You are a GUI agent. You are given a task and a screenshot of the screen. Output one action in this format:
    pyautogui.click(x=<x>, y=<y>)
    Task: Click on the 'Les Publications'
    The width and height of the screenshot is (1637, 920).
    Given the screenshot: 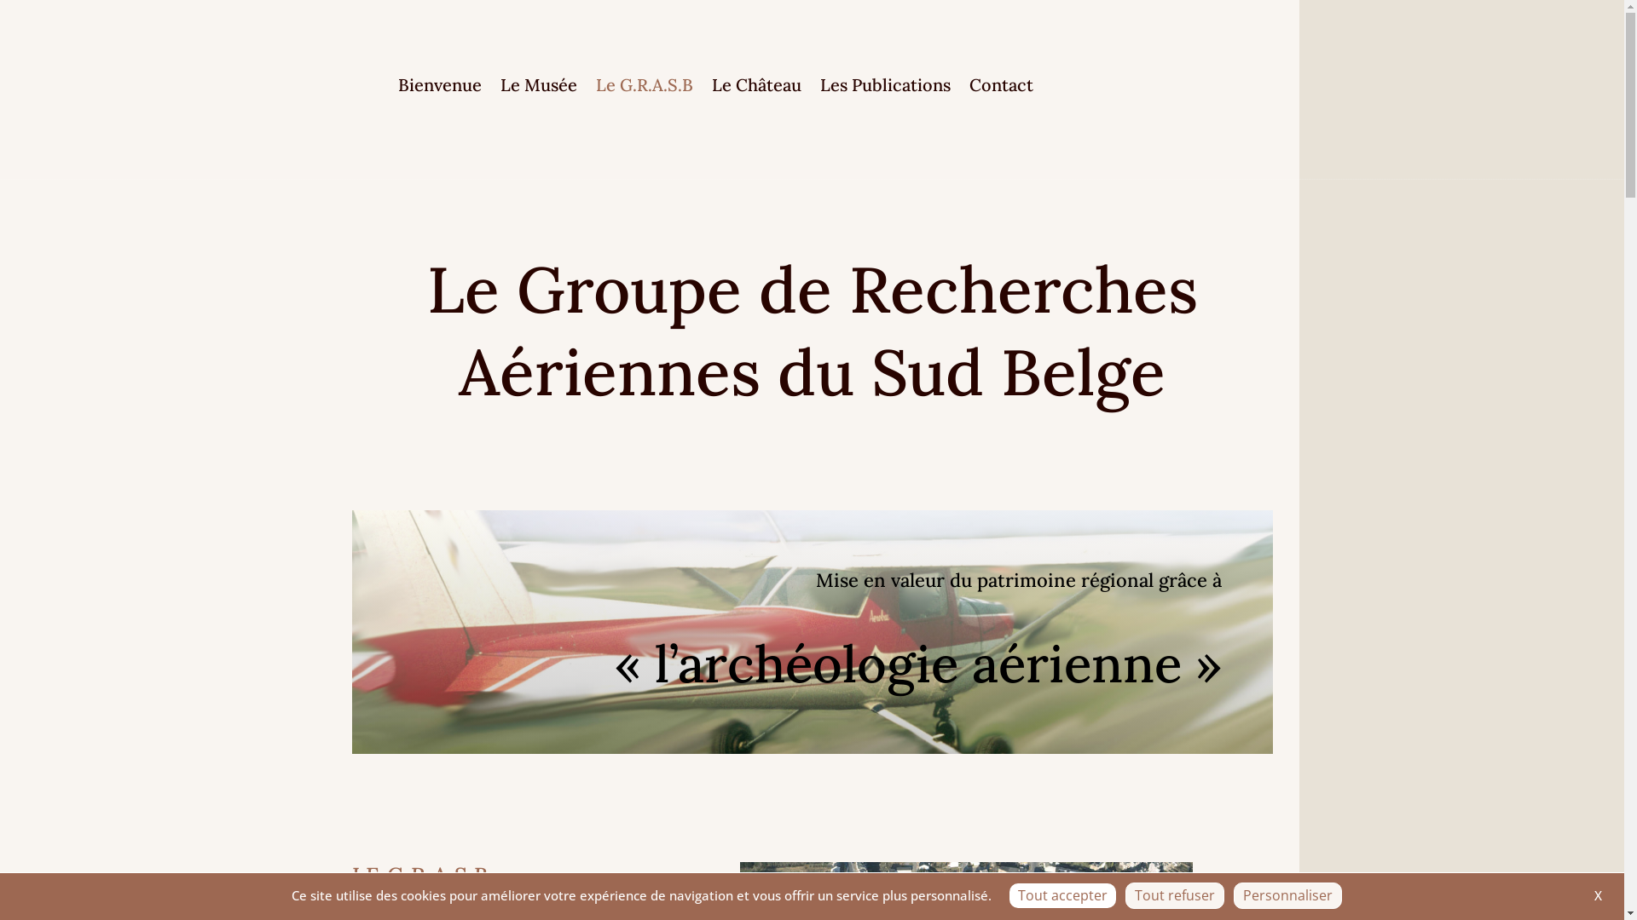 What is the action you would take?
    pyautogui.click(x=885, y=89)
    